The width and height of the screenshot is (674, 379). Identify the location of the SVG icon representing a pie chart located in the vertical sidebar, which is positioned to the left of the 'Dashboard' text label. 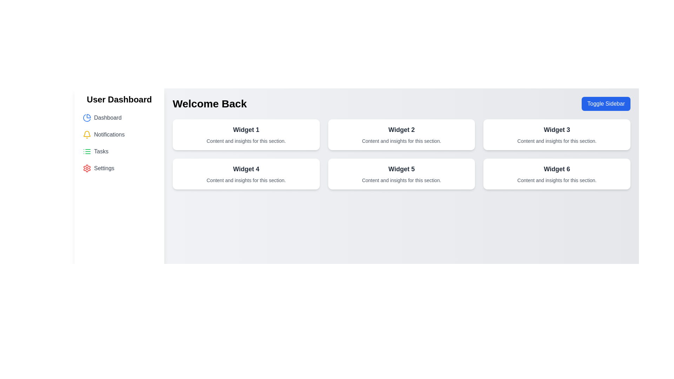
(87, 117).